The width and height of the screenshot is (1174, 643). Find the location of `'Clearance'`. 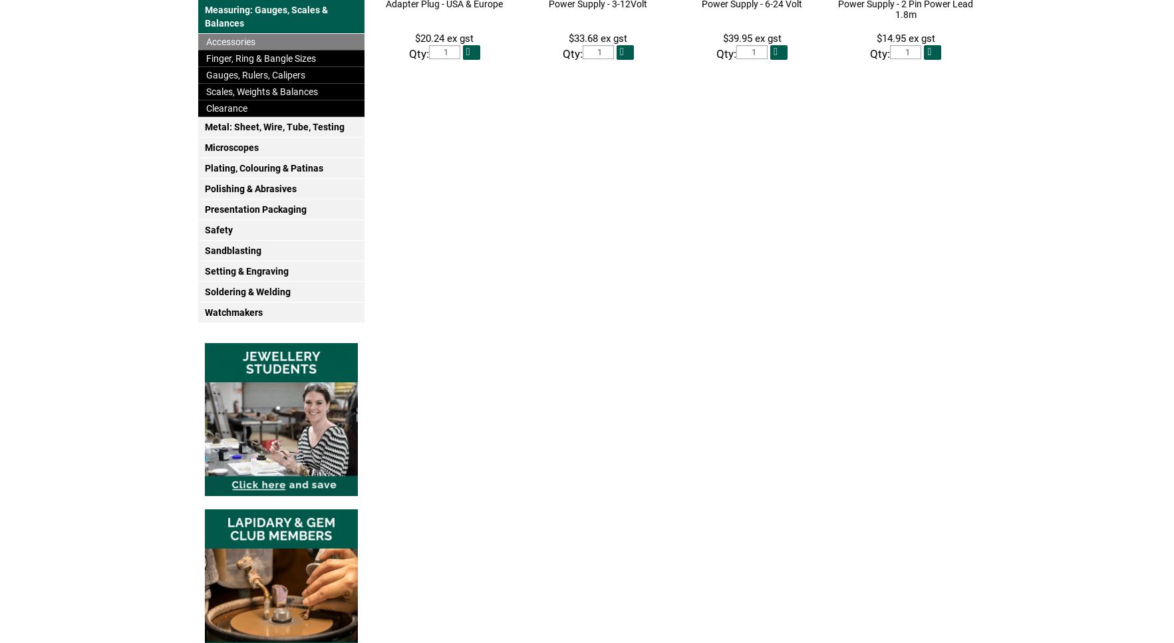

'Clearance' is located at coordinates (225, 108).